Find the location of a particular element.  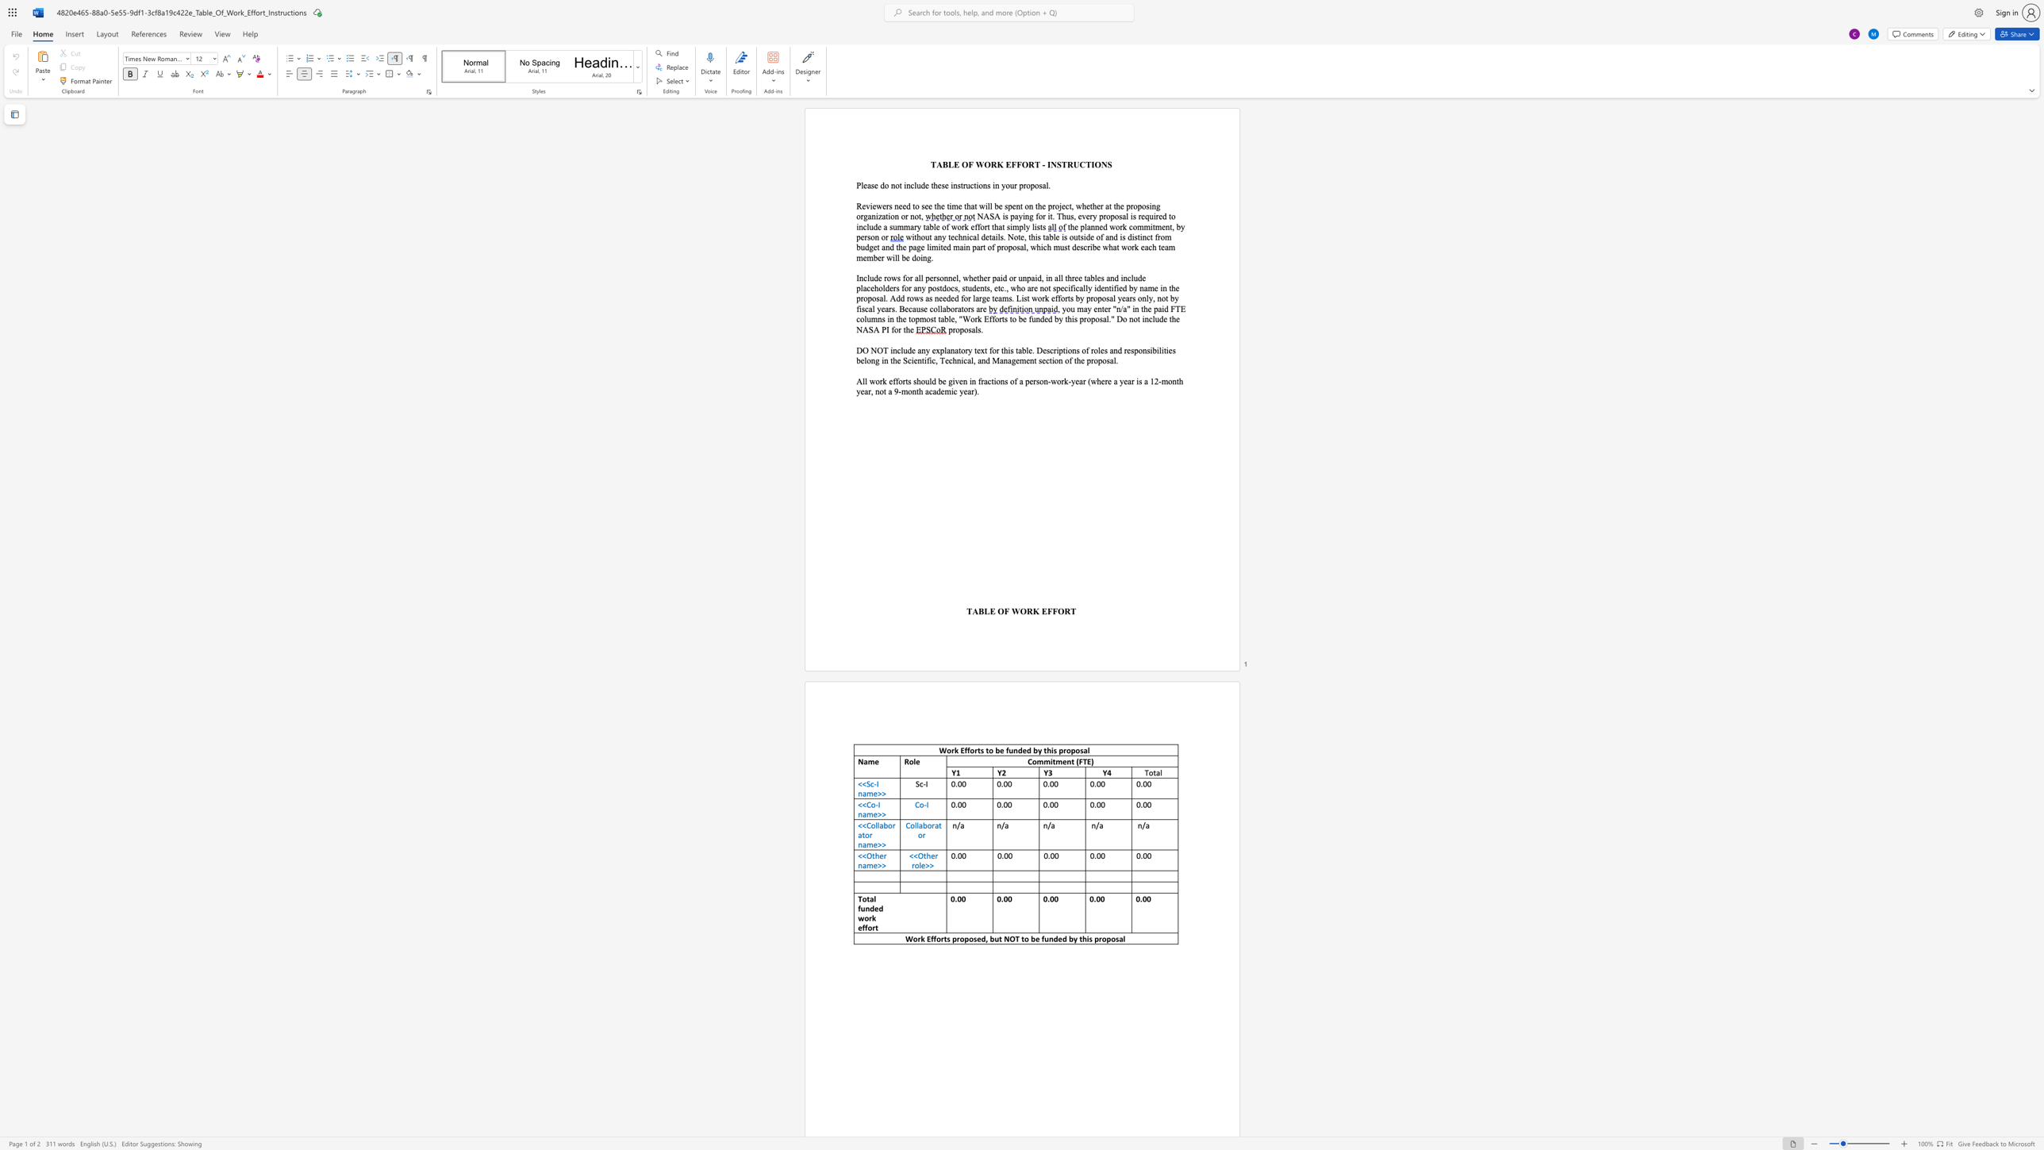

the space between the continuous character "n" and "e" in the text is located at coordinates (1098, 225).